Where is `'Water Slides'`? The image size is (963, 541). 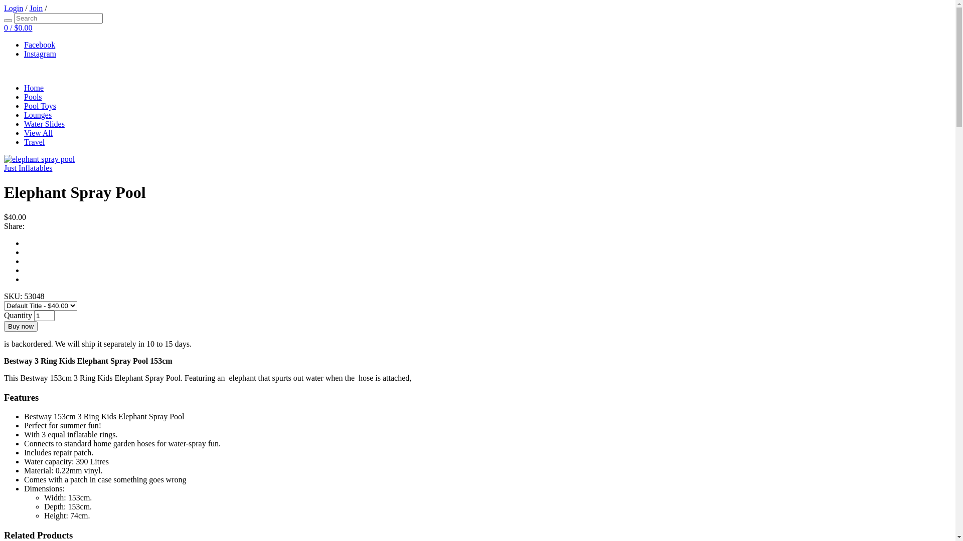
'Water Slides' is located at coordinates (24, 123).